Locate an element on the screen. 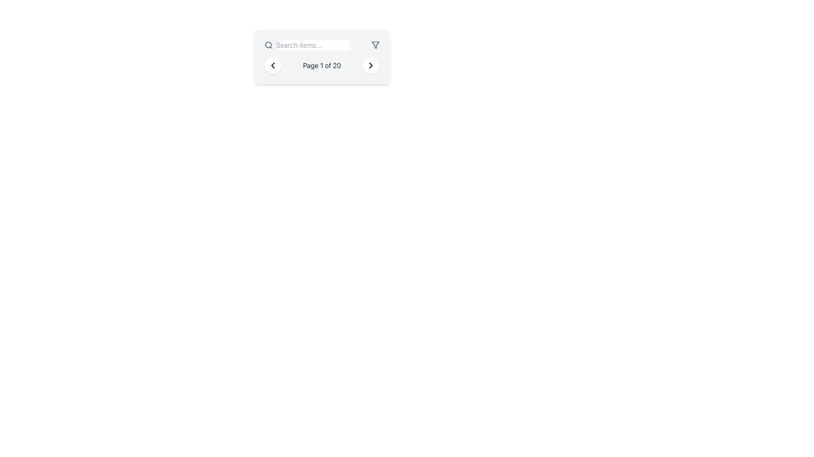 The width and height of the screenshot is (814, 457). the filter options icon located on the right side of the search bar is located at coordinates (375, 45).